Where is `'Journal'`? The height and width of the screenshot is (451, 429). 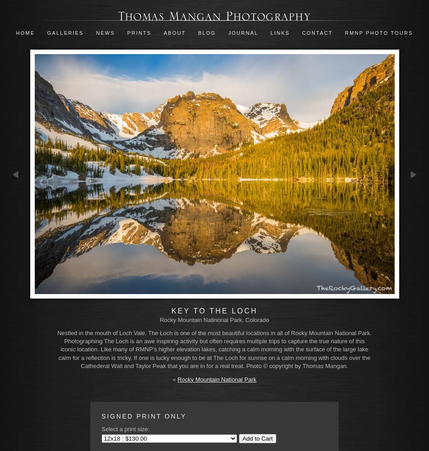 'Journal' is located at coordinates (244, 32).